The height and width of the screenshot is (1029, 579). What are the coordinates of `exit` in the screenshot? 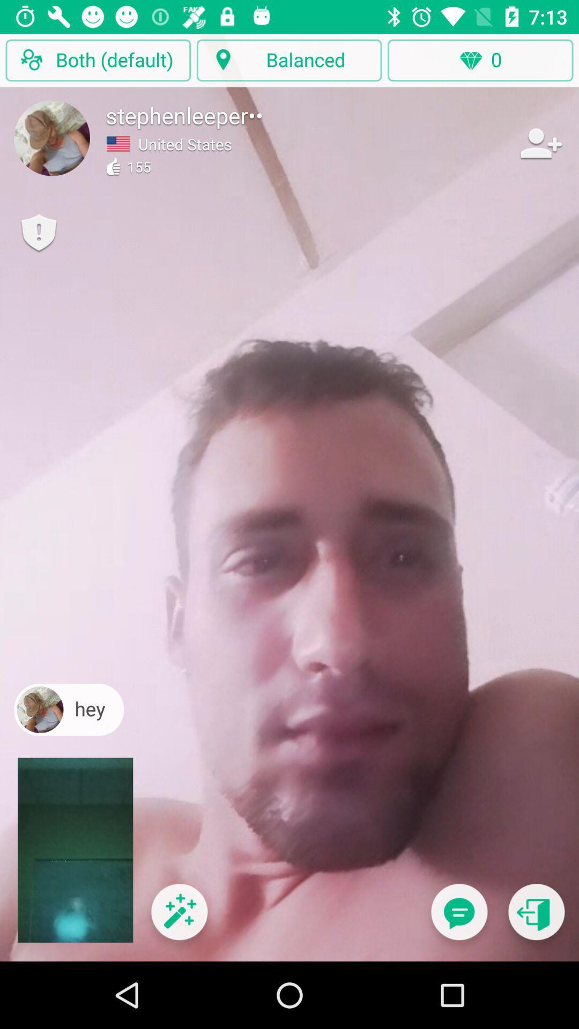 It's located at (536, 918).